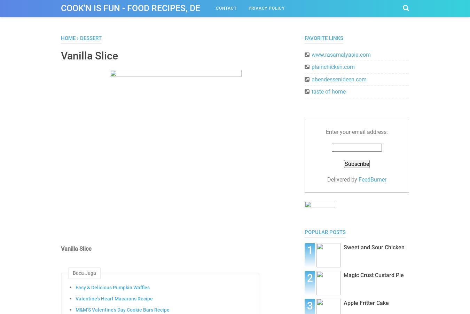  I want to click on 'plainchicken.com', so click(312, 66).